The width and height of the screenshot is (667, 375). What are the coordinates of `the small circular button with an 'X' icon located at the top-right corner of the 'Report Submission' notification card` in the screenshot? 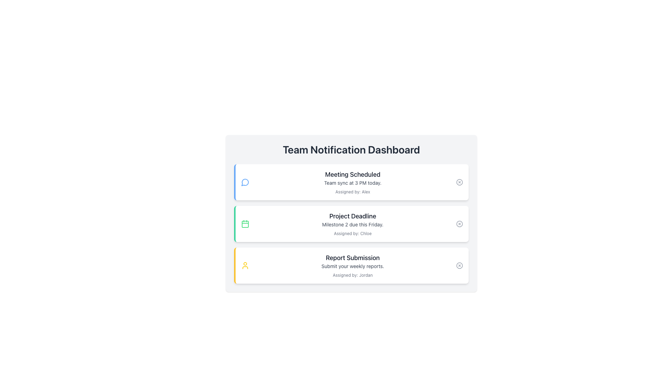 It's located at (460, 265).